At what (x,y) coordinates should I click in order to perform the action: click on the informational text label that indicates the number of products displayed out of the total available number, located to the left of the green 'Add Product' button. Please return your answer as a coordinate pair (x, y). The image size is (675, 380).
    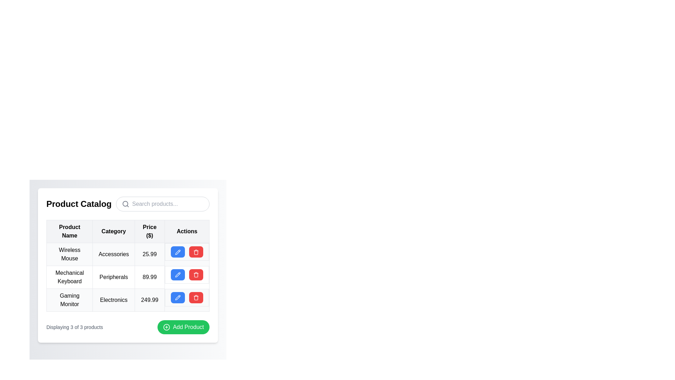
    Looking at the image, I should click on (75, 327).